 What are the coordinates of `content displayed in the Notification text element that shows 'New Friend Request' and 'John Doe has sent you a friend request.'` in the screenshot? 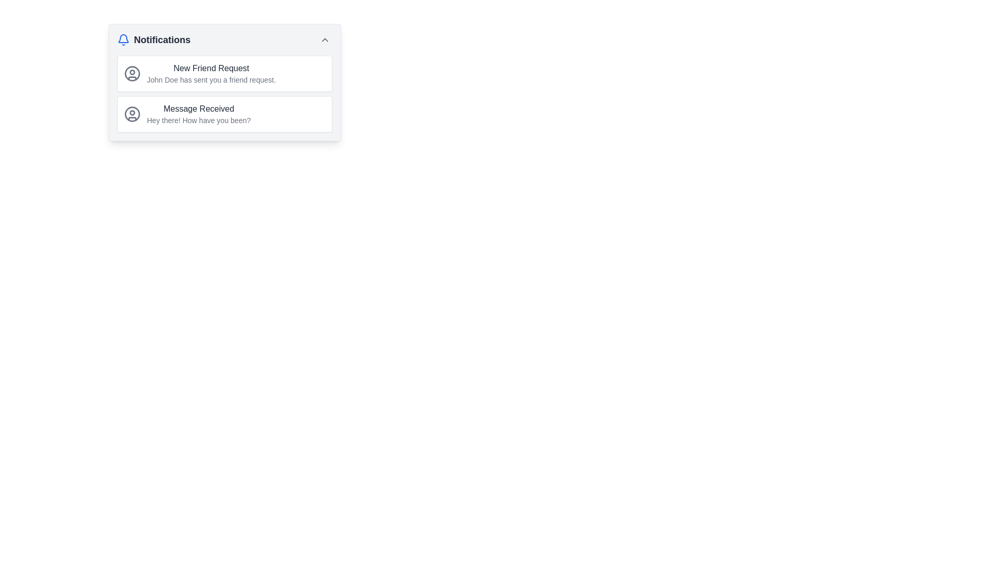 It's located at (211, 73).